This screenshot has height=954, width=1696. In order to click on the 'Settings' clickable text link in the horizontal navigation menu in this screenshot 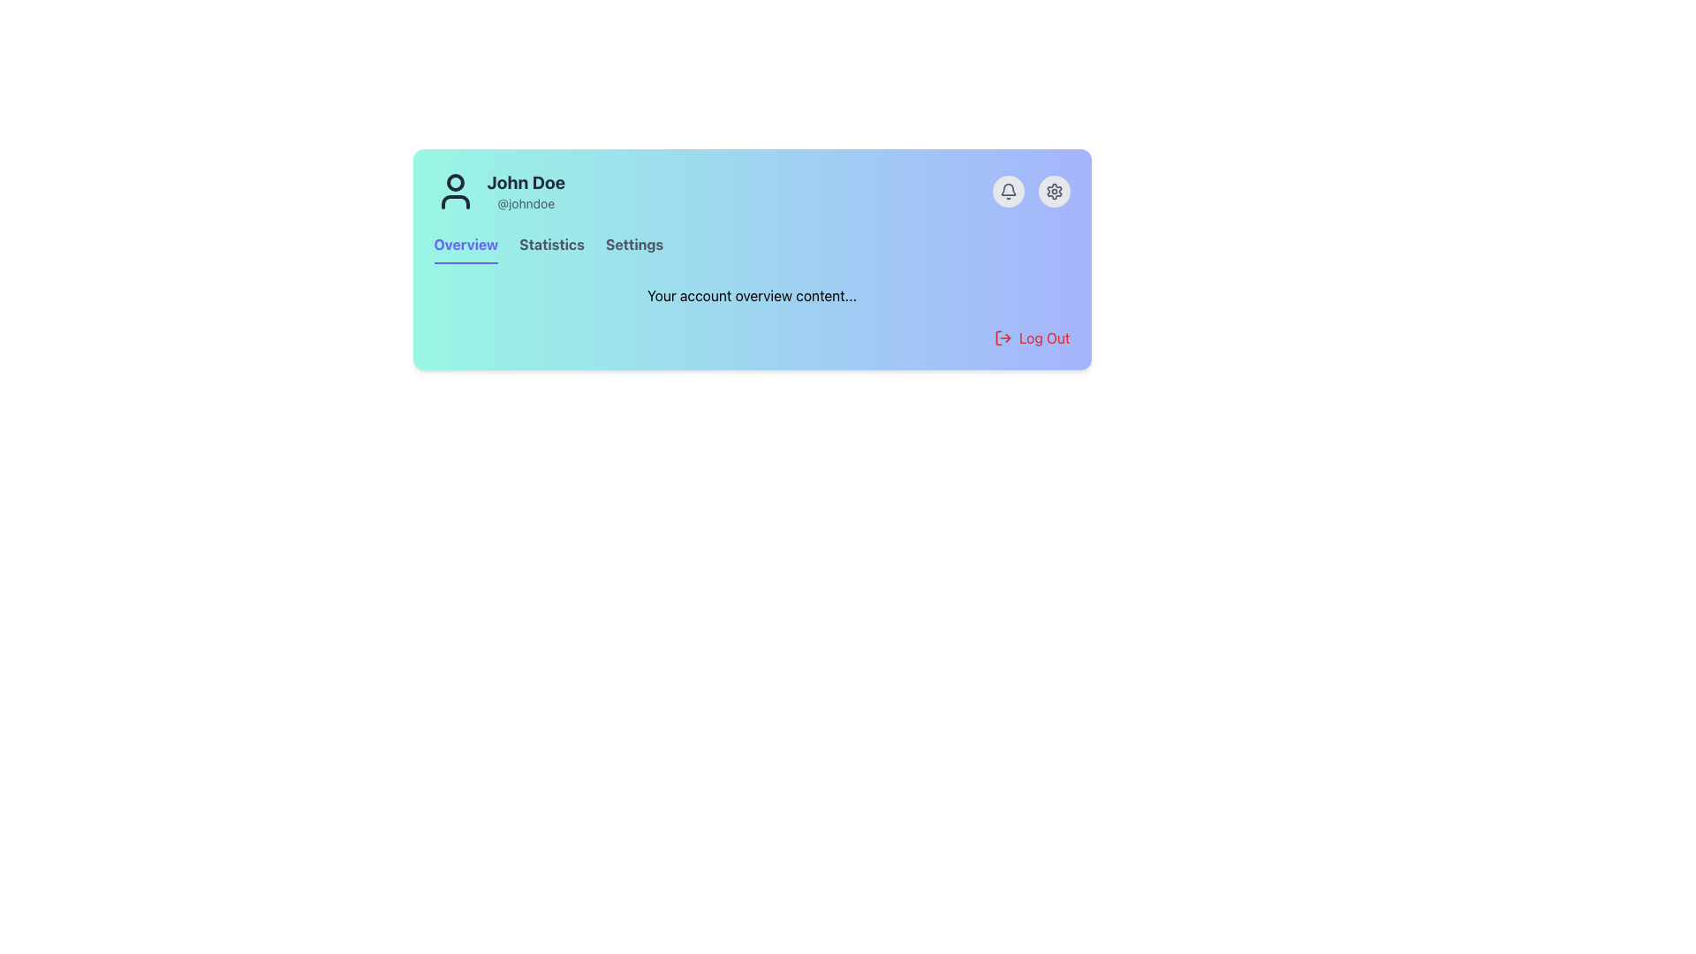, I will do `click(634, 248)`.